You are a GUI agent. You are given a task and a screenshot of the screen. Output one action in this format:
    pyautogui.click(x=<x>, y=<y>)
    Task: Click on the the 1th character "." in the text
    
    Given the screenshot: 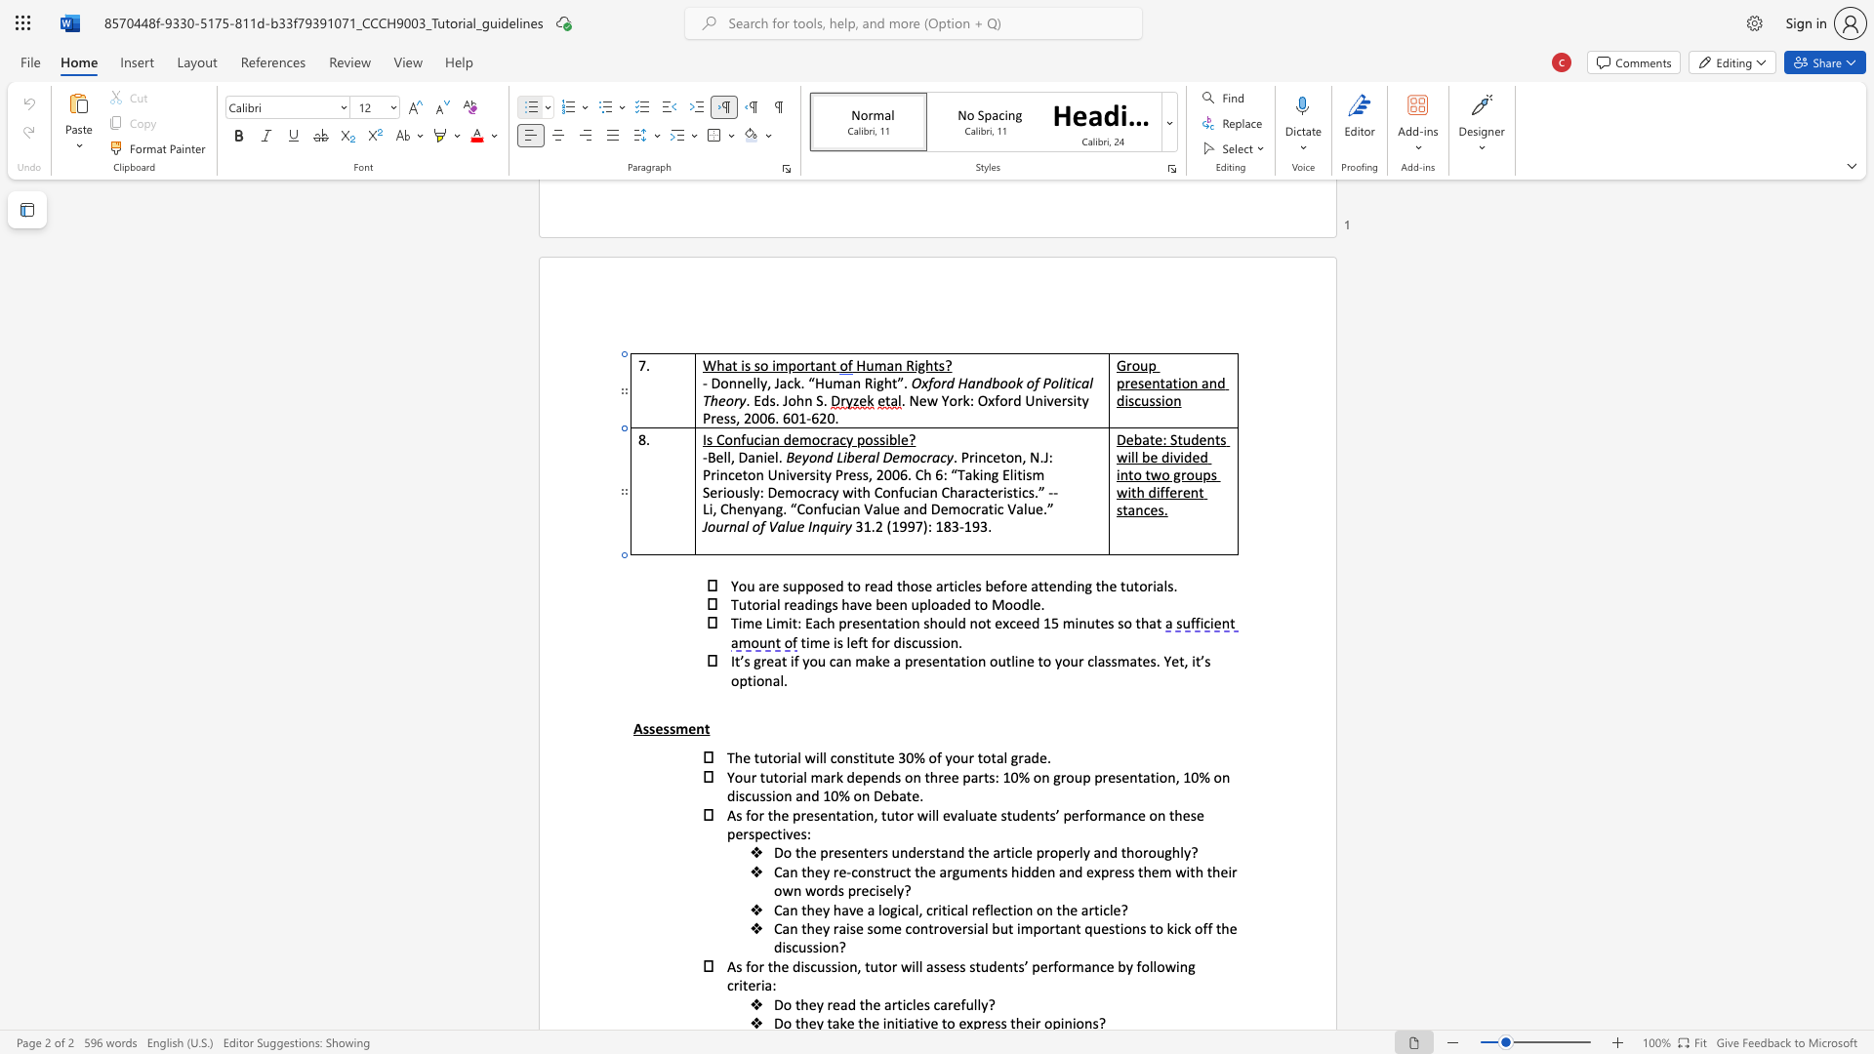 What is the action you would take?
    pyautogui.click(x=960, y=642)
    